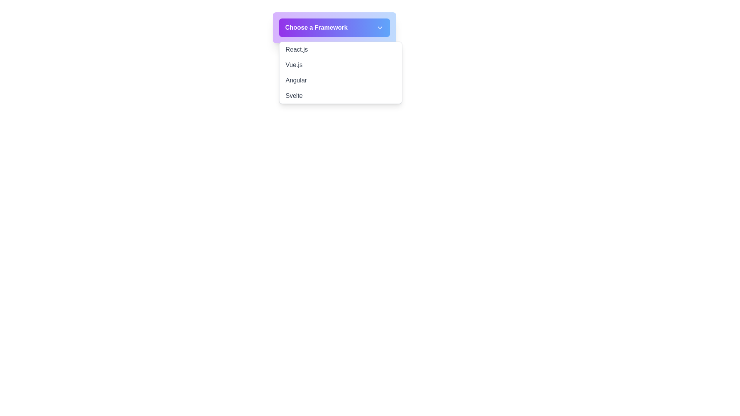 Image resolution: width=740 pixels, height=416 pixels. Describe the element at coordinates (340, 80) in the screenshot. I see `the 'Angular' option in the dropdown menu, which is the third item listed under 'Choose a Framework'` at that location.